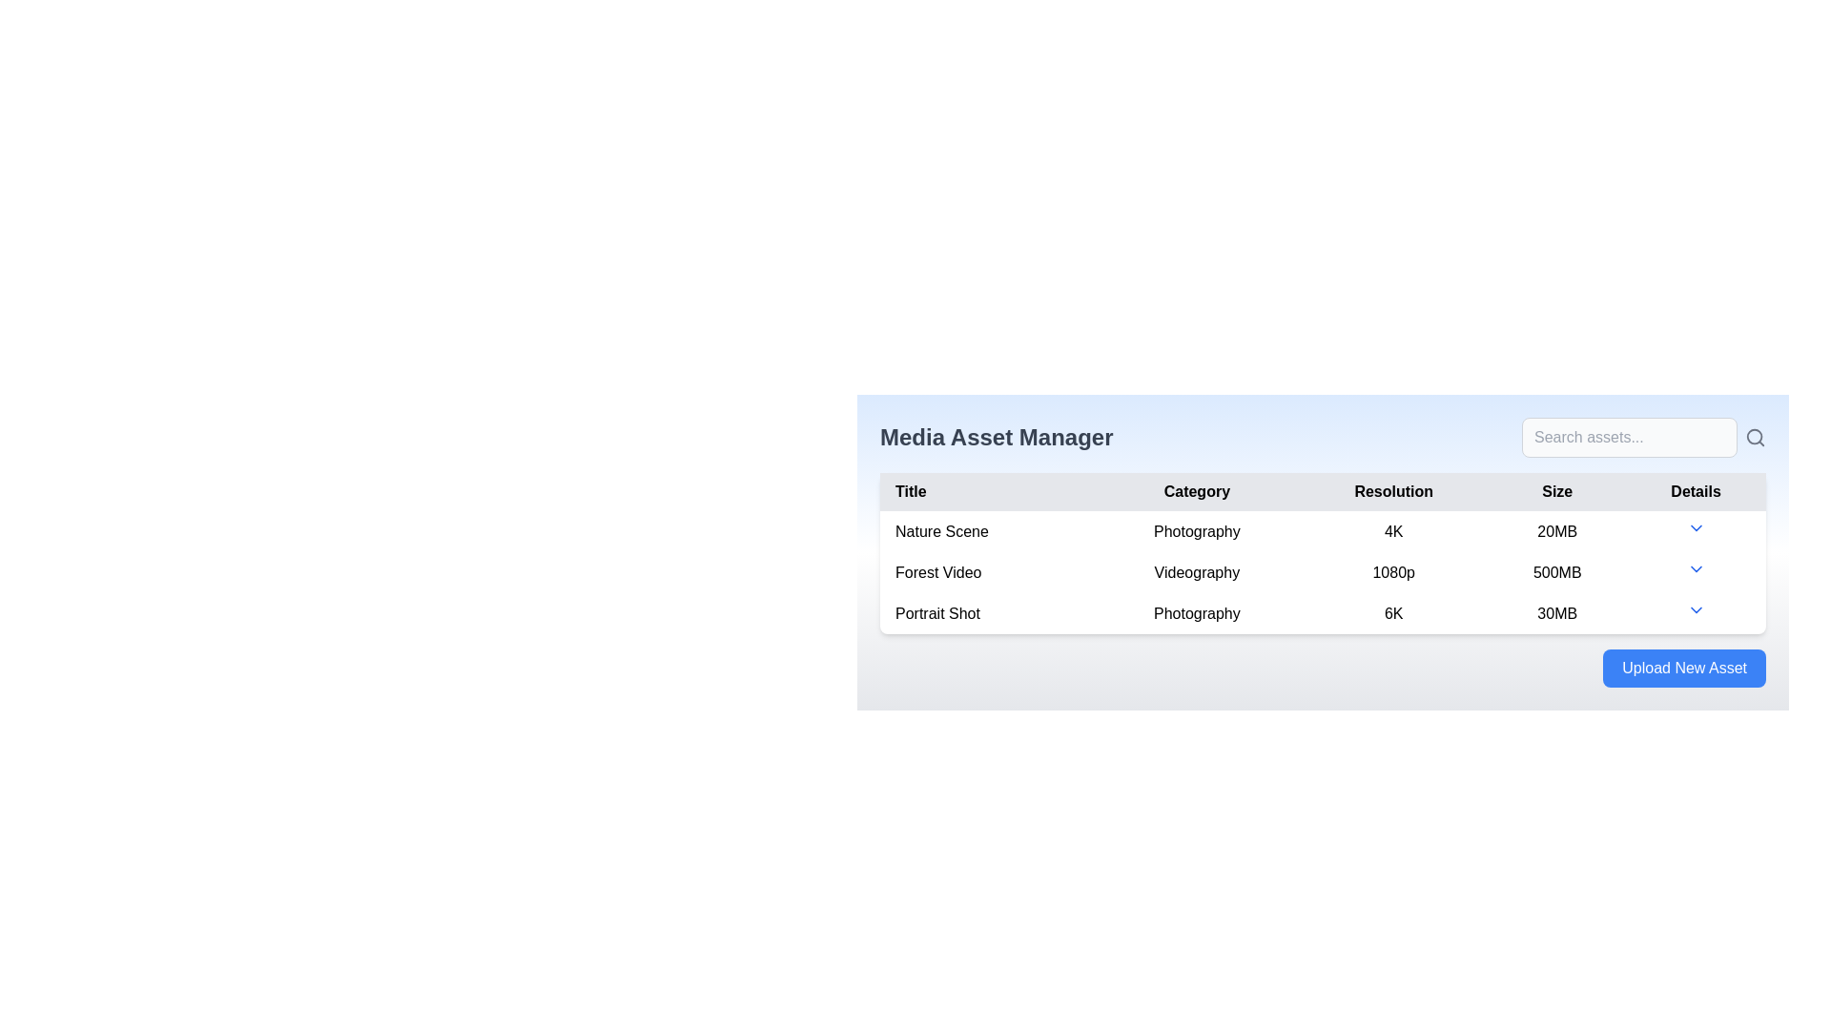  Describe the element at coordinates (1393, 613) in the screenshot. I see `the Label displaying '6K' in bold, which is located under the 'Resolution' column in the asset attributes table` at that location.